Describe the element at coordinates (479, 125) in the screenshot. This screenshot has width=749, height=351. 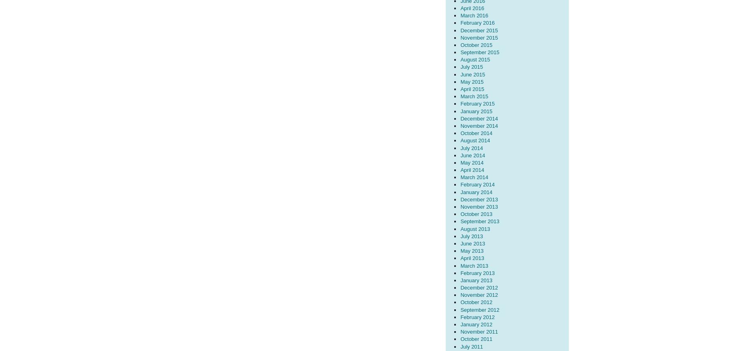
I see `'November 2014'` at that location.